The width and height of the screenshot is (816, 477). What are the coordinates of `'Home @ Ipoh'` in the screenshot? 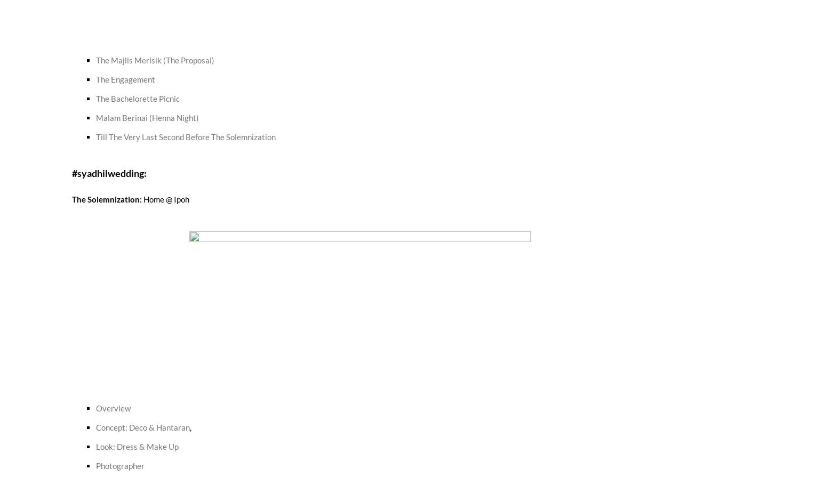 It's located at (166, 199).